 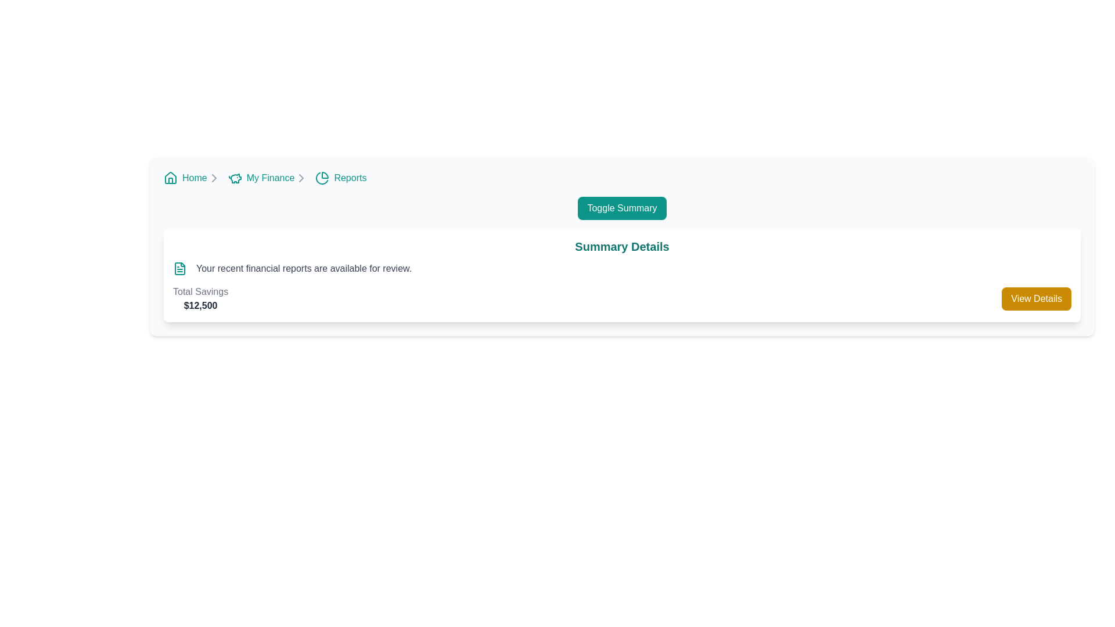 What do you see at coordinates (340, 178) in the screenshot?
I see `the breadcrumb navigation link labeled 'Reports'` at bounding box center [340, 178].